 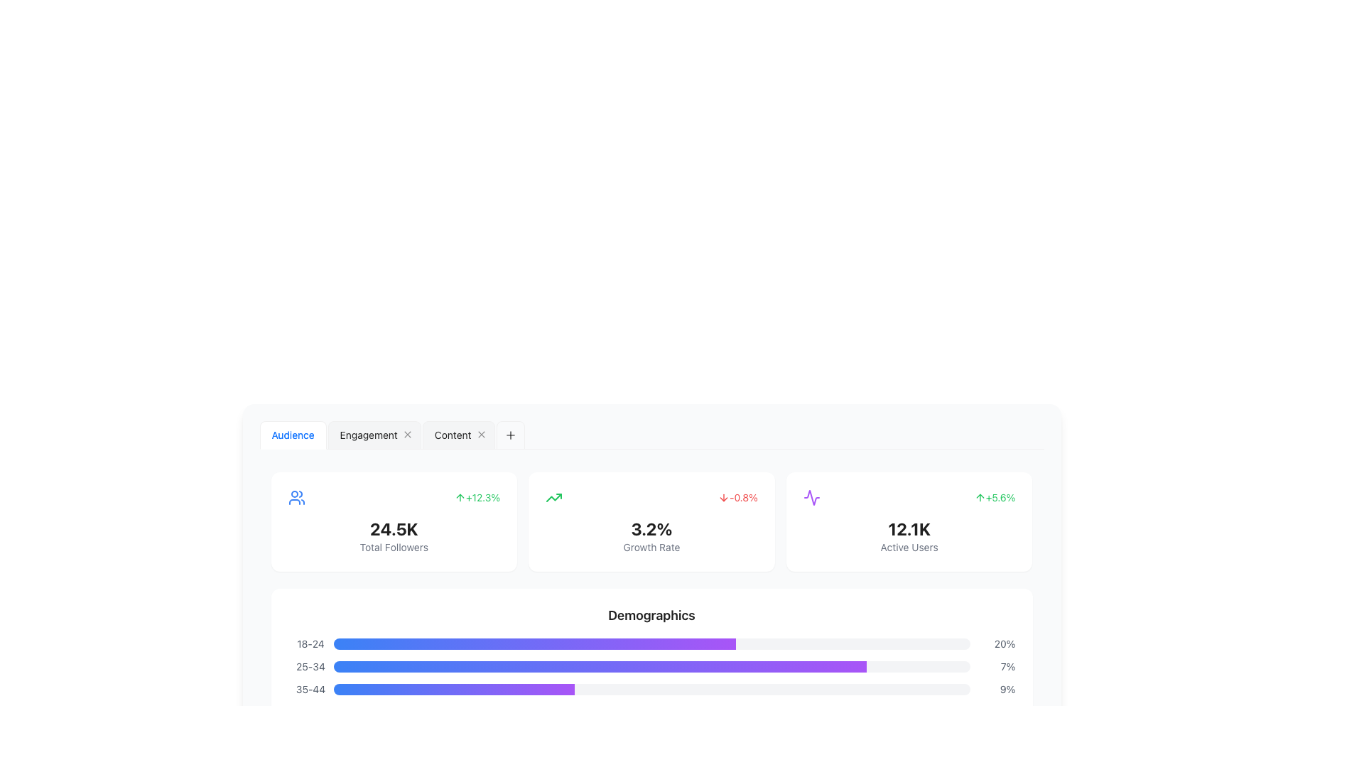 I want to click on the horizontal progress bar styled with a gradient background ranging from blue to purple, which has the text '25-34' to its left and '7%' to its right, so click(x=651, y=666).